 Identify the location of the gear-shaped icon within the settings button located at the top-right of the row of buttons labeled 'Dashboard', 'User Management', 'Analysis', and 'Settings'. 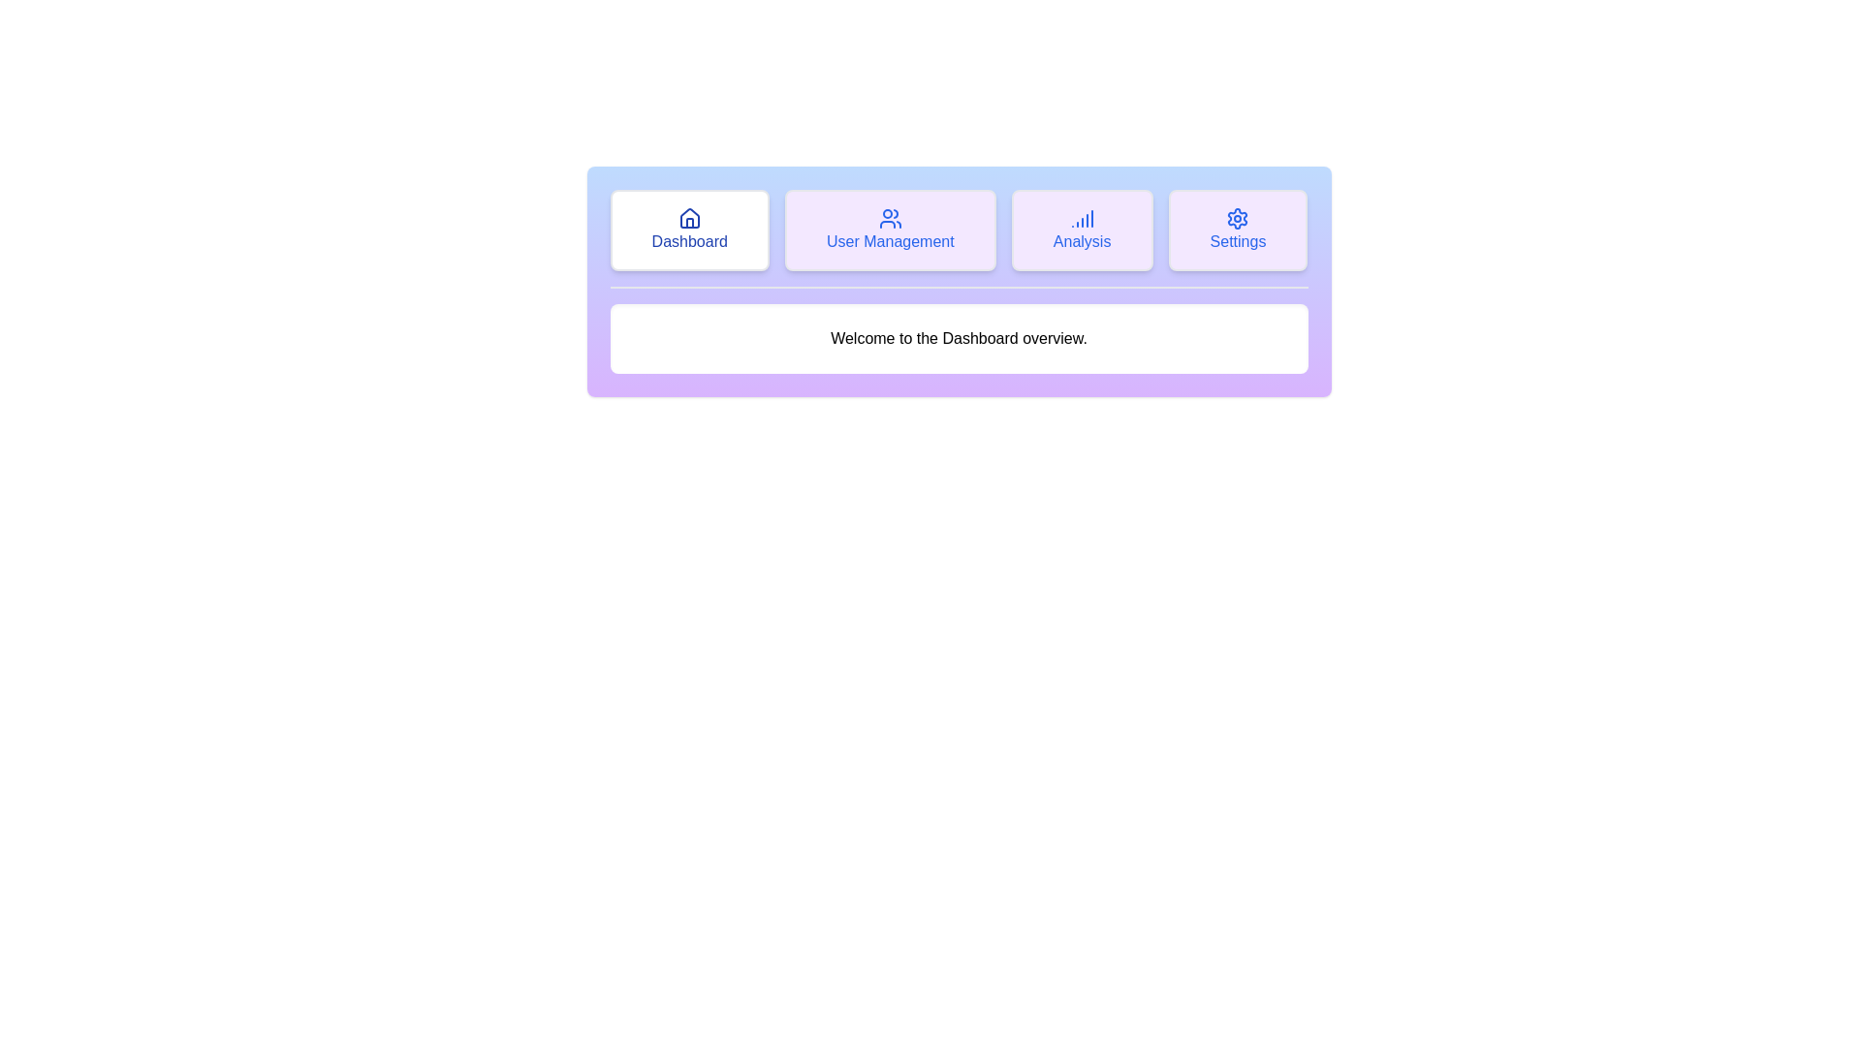
(1237, 218).